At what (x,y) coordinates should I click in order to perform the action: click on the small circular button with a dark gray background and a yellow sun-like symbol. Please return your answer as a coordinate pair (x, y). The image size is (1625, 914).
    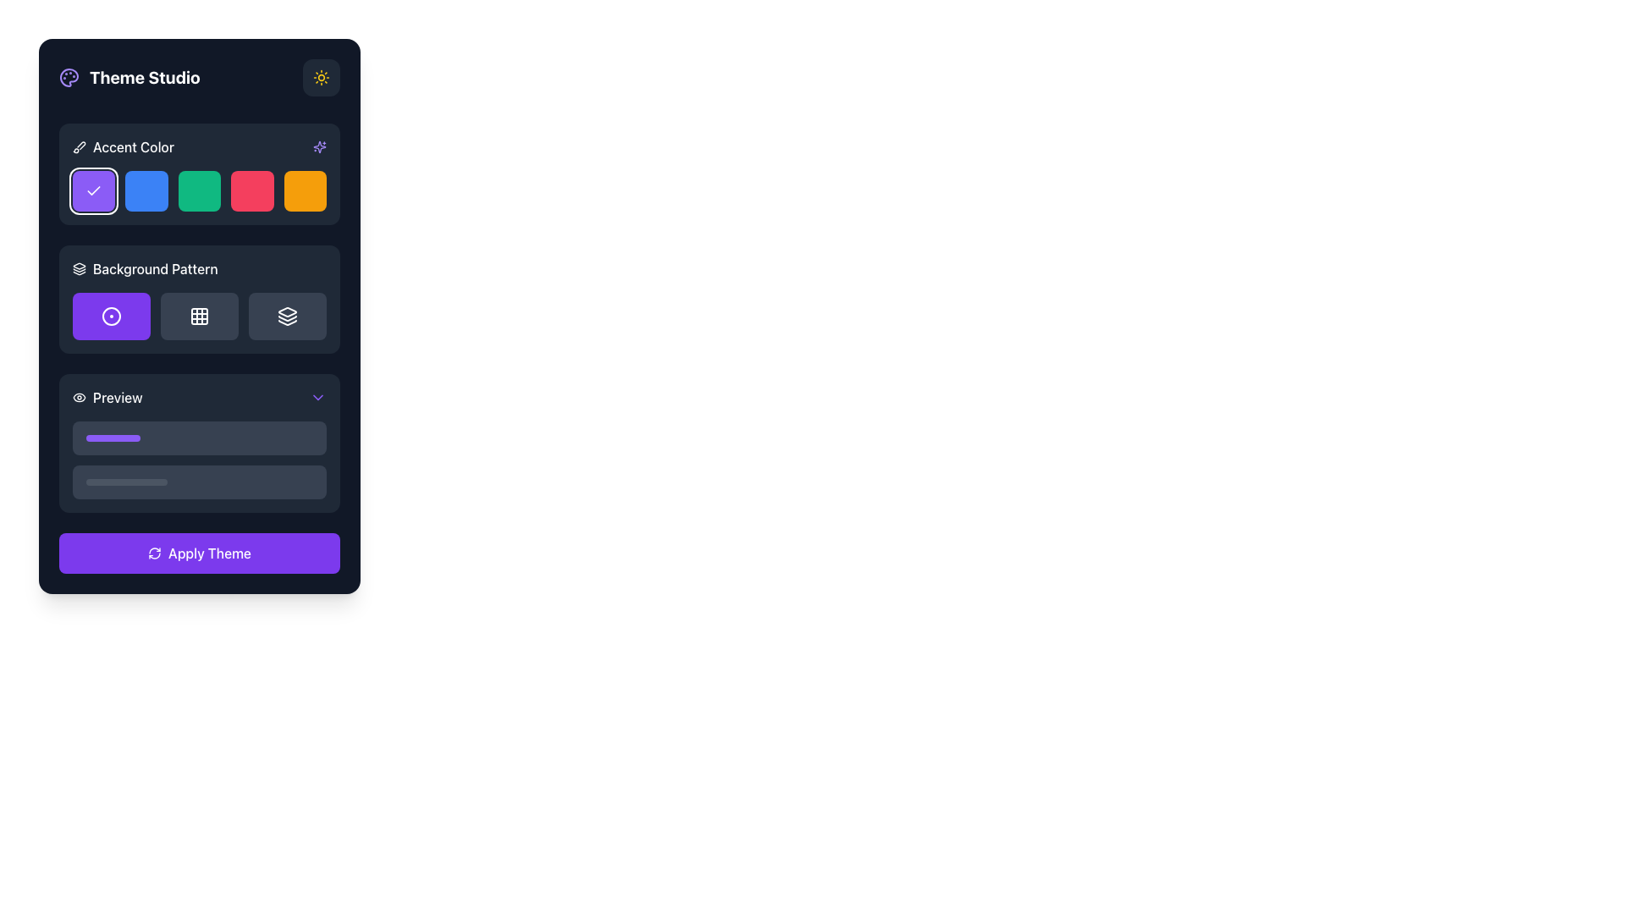
    Looking at the image, I should click on (321, 78).